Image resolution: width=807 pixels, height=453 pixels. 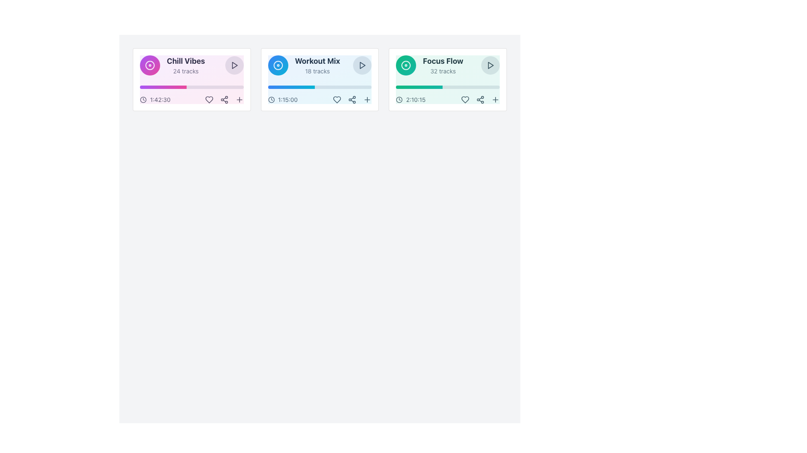 I want to click on the spinning animation of the circular icon located within the pink gradient circle on the left side of the 'Chill Vibes' card interface, so click(x=150, y=65).